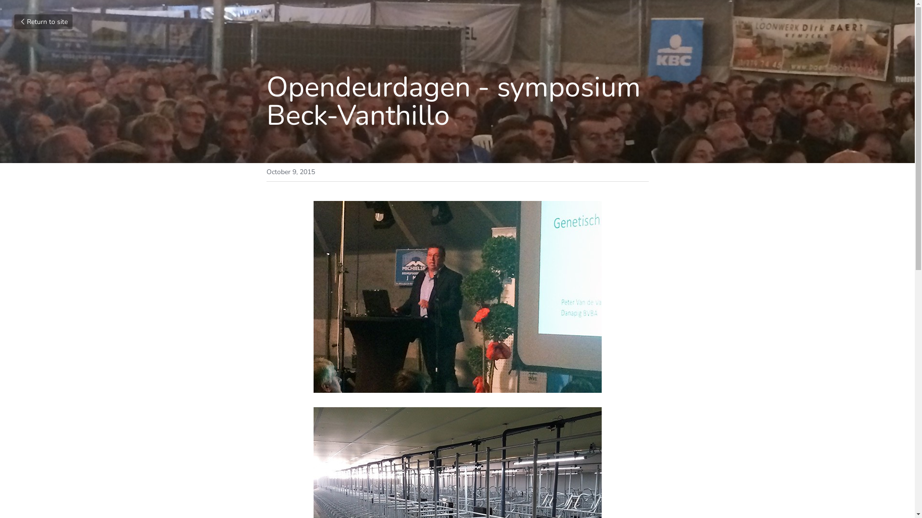 Image resolution: width=922 pixels, height=518 pixels. What do you see at coordinates (43, 22) in the screenshot?
I see `'Return to site'` at bounding box center [43, 22].